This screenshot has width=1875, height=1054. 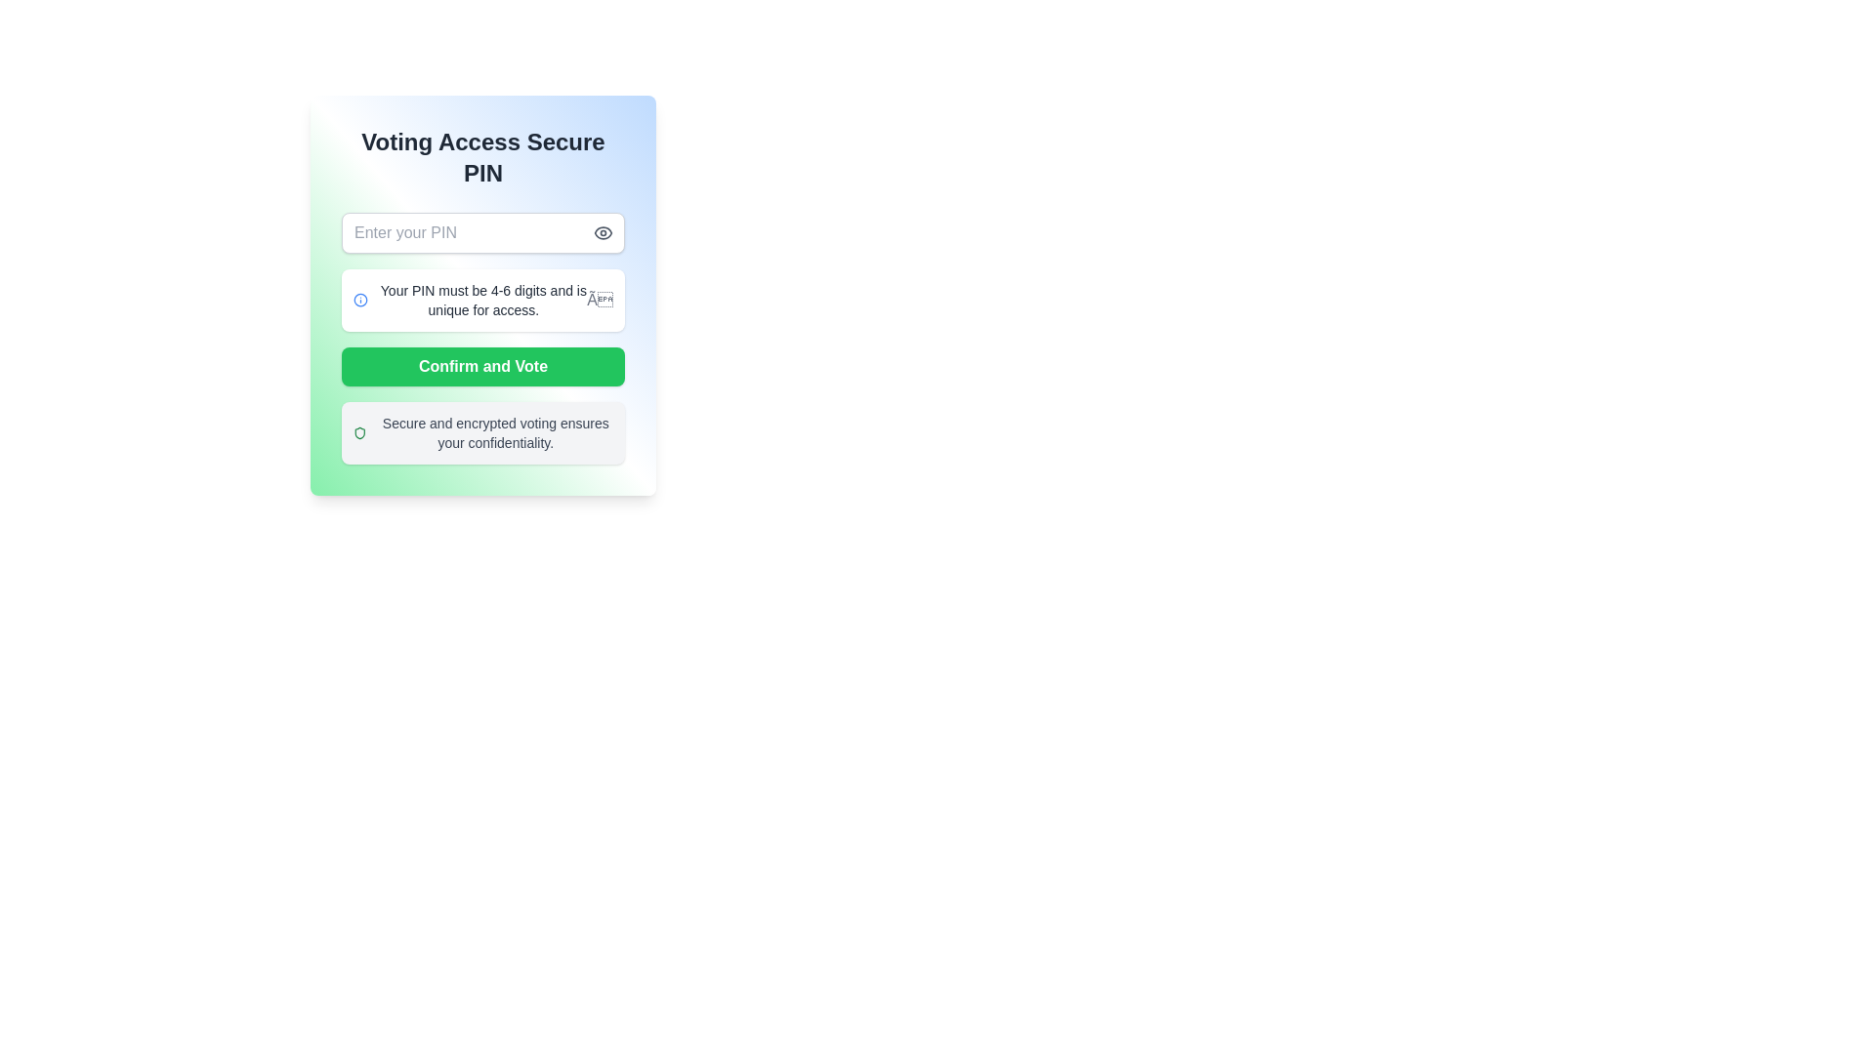 I want to click on the secure and encrypted voting icon located under the 'Confirm and Vote' button and to the left of the label stating 'Secure and encrypted voting ensures your confidentiality.', so click(x=359, y=431).